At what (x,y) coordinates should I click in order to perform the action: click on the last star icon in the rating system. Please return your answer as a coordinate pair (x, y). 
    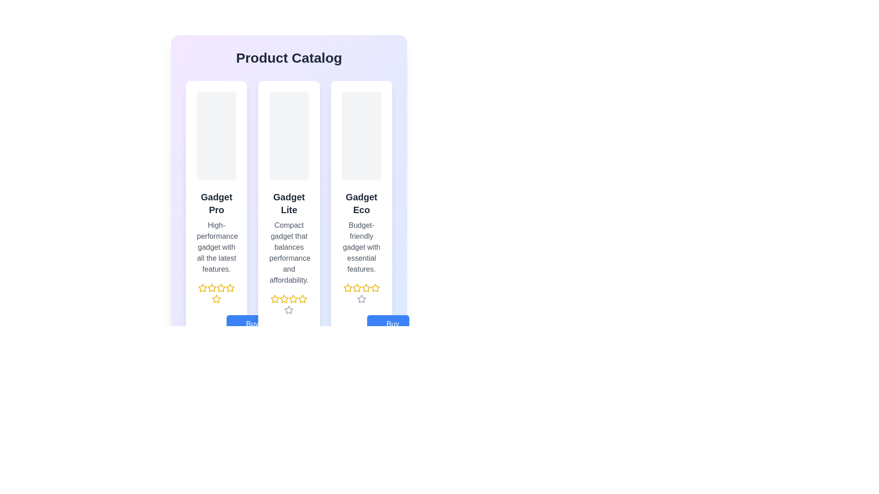
    Looking at the image, I should click on (288, 309).